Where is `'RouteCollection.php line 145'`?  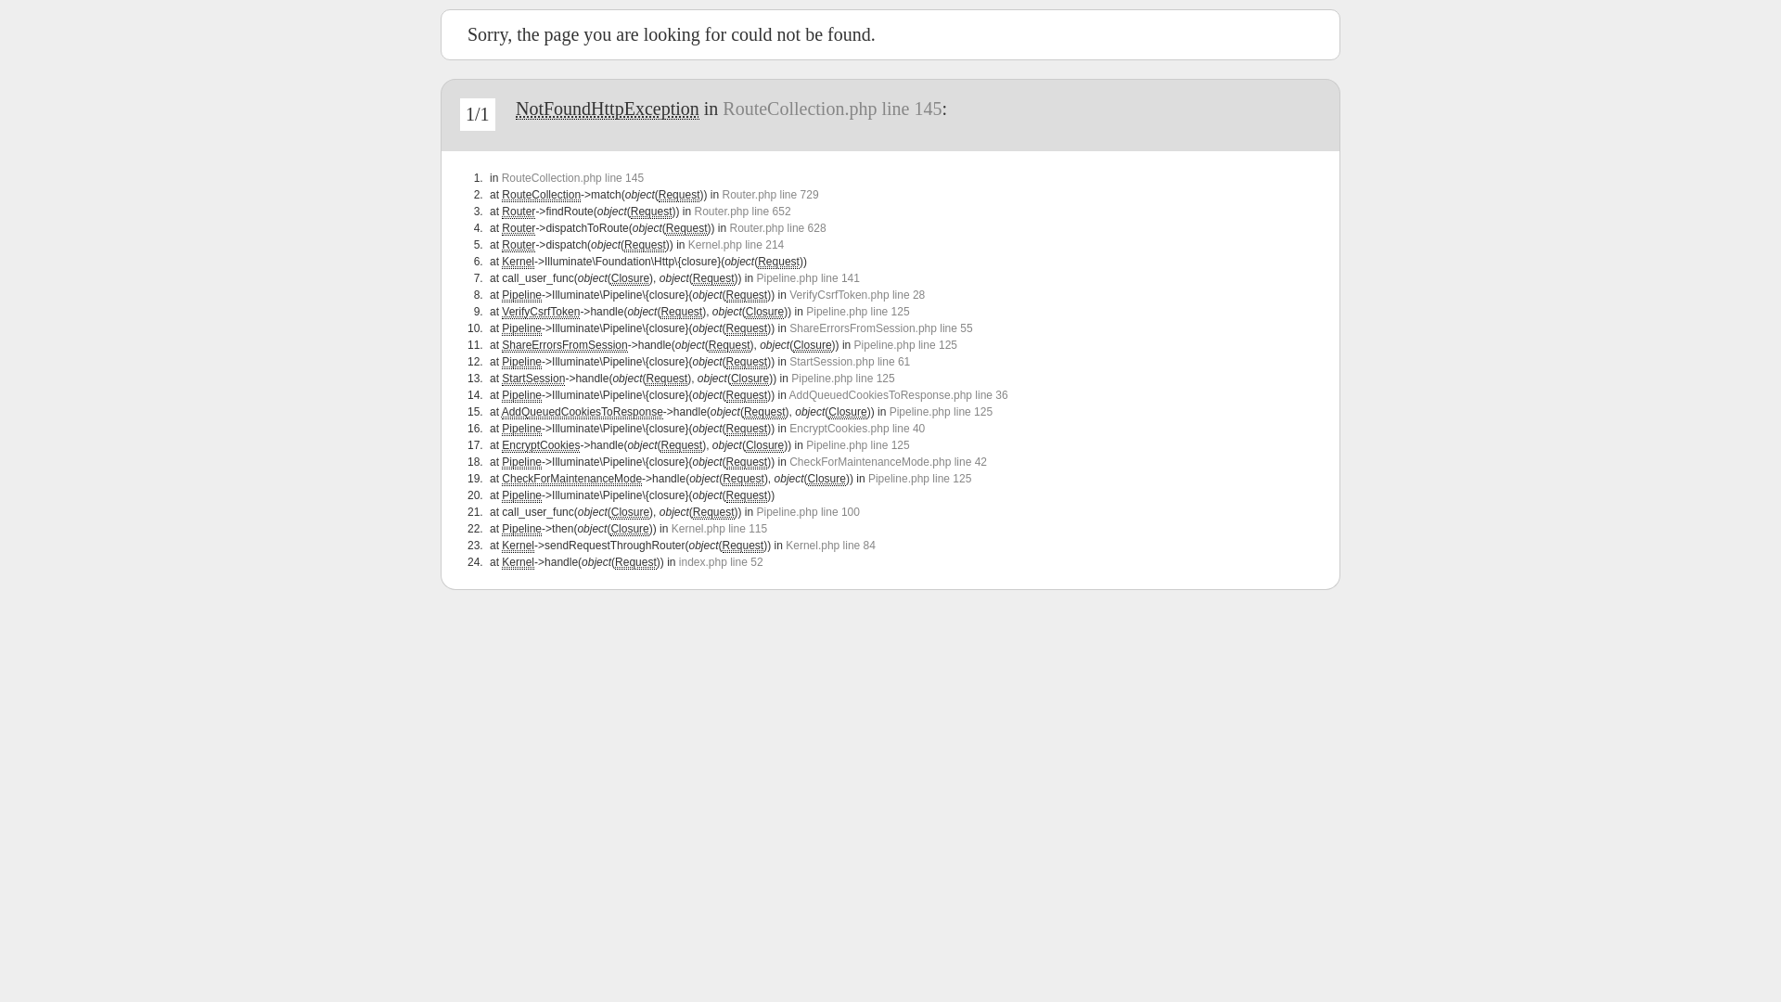 'RouteCollection.php line 145' is located at coordinates (831, 108).